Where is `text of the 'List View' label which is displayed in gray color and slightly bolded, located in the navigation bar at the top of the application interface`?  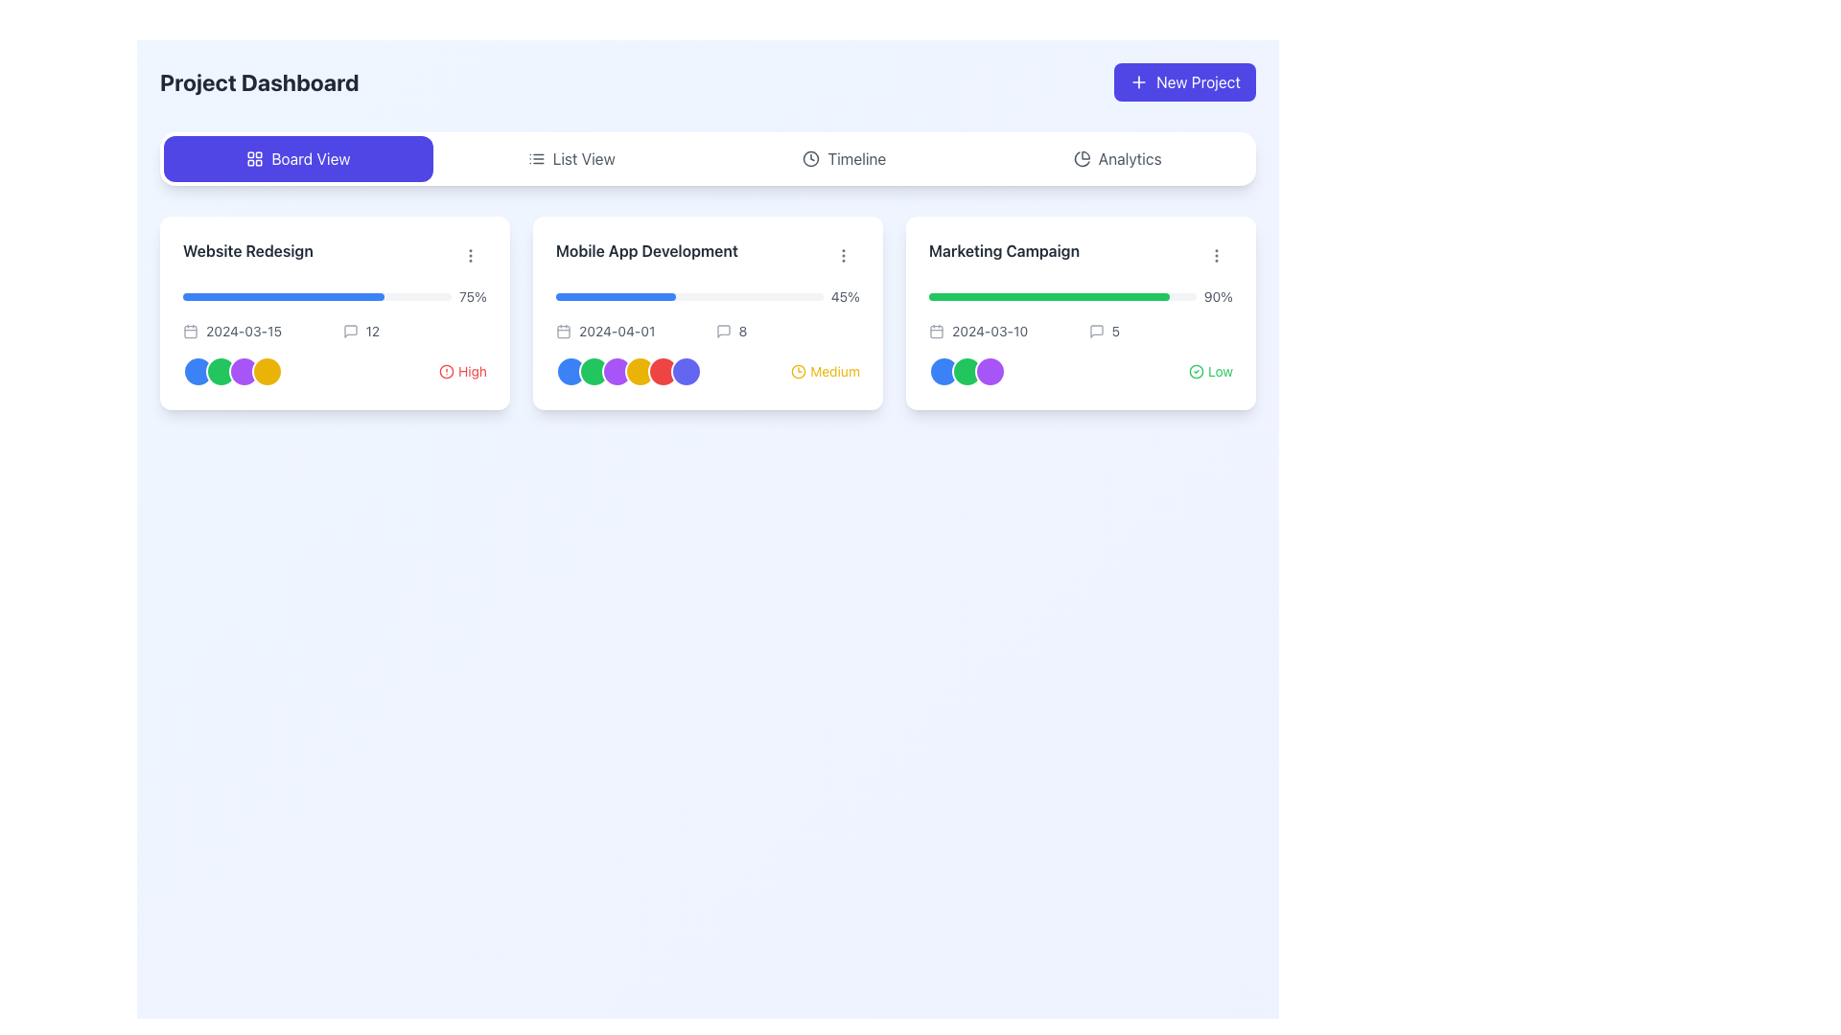
text of the 'List View' label which is displayed in gray color and slightly bolded, located in the navigation bar at the top of the application interface is located at coordinates (583, 157).